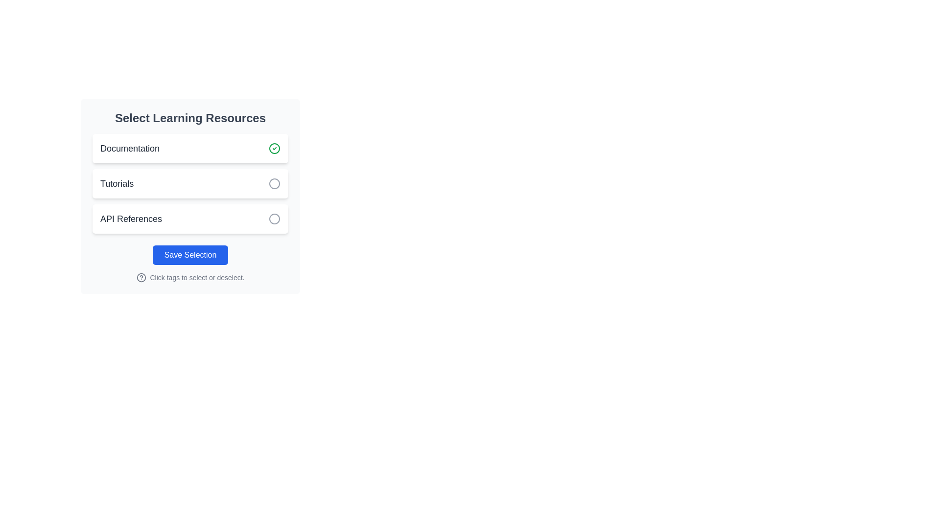 The height and width of the screenshot is (528, 940). What do you see at coordinates (190, 218) in the screenshot?
I see `the third selectable list item related to 'API References'` at bounding box center [190, 218].